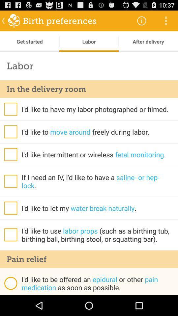  I want to click on empty check box, so click(10, 235).